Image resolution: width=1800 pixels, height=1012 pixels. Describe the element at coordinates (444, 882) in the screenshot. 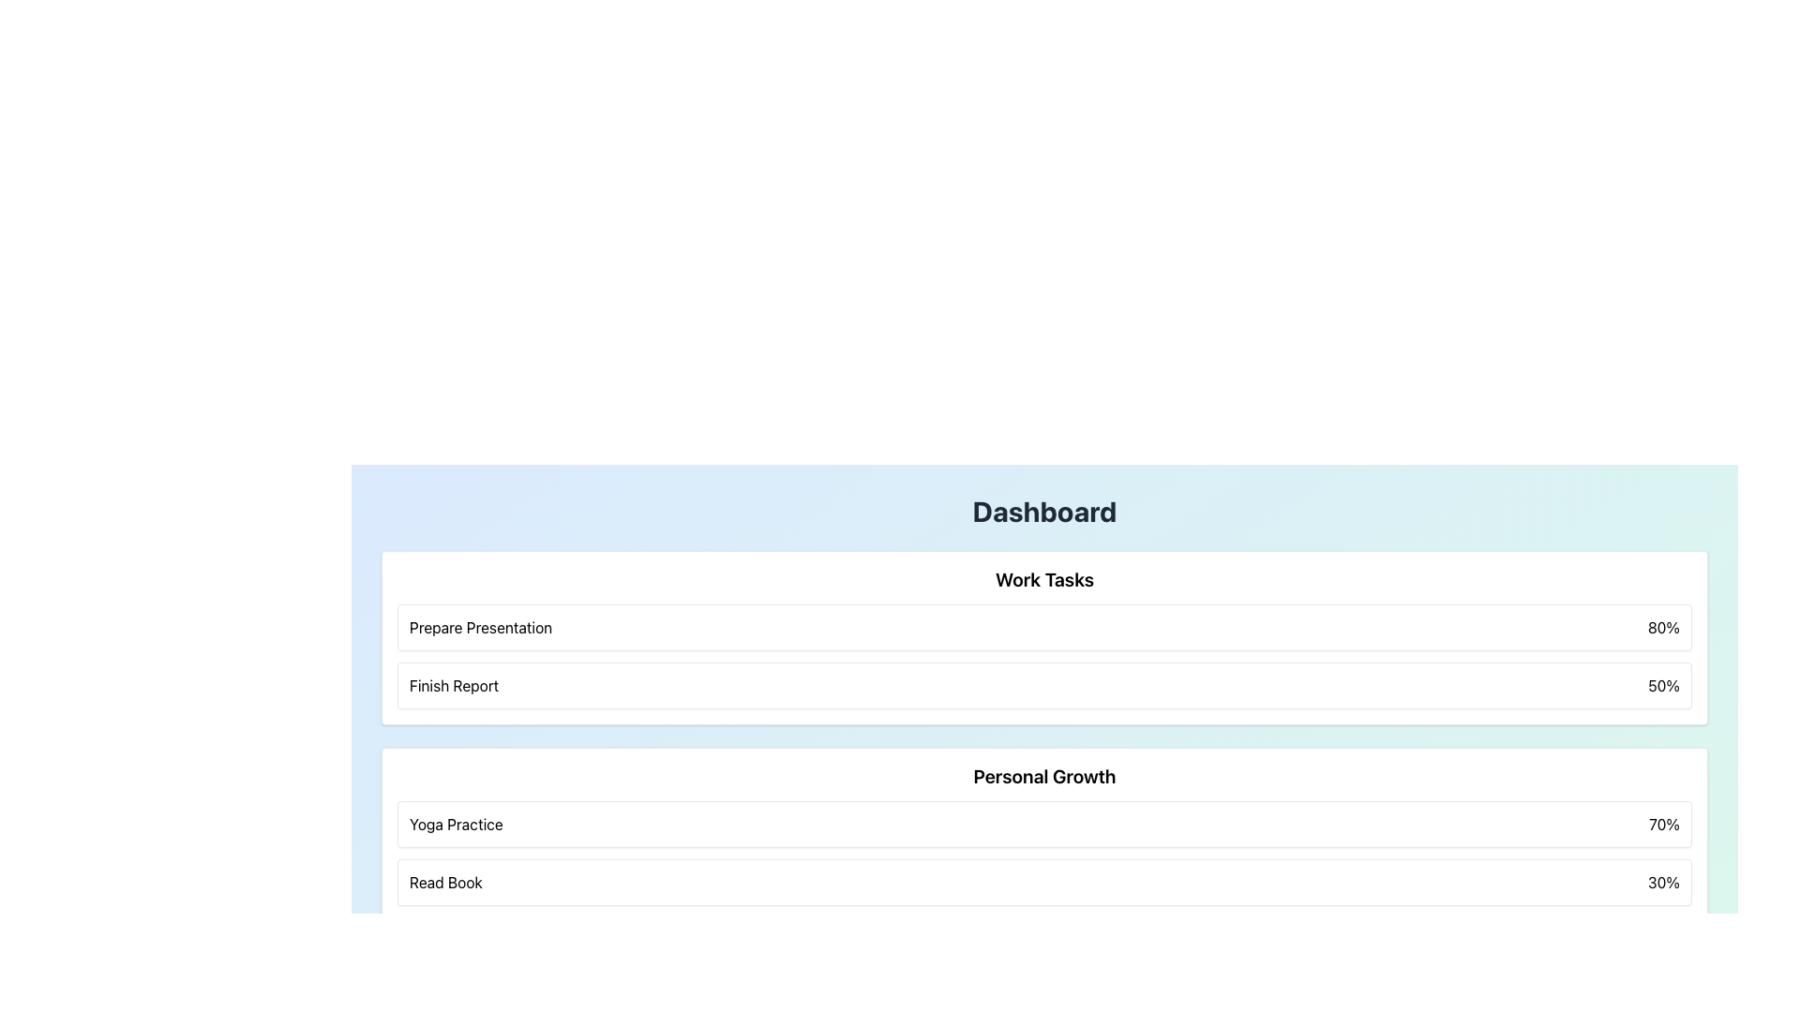

I see `the text label reading 'Read Book' which is aligned to the left side of a bordered and shadowed rectangular block in the 'Personal Growth' section` at that location.